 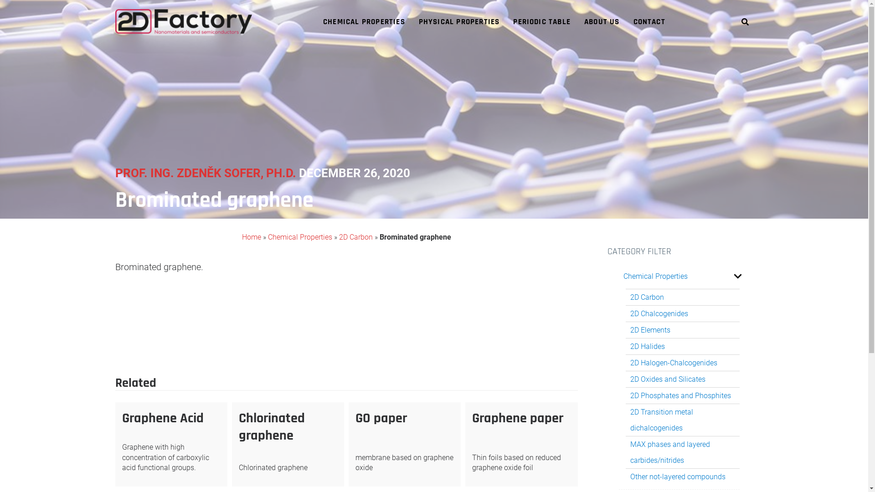 What do you see at coordinates (602, 22) in the screenshot?
I see `'ABOUT US'` at bounding box center [602, 22].